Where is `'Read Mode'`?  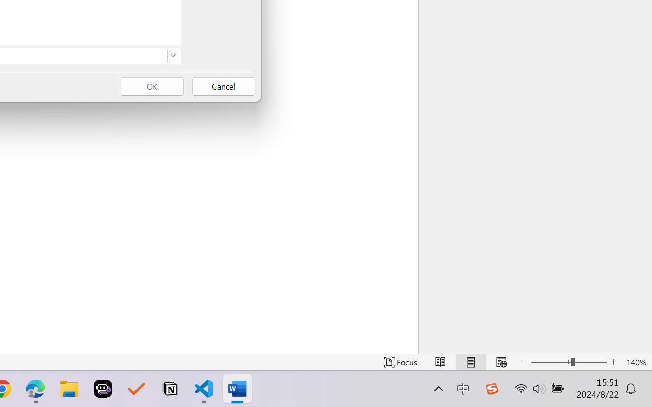 'Read Mode' is located at coordinates (440, 362).